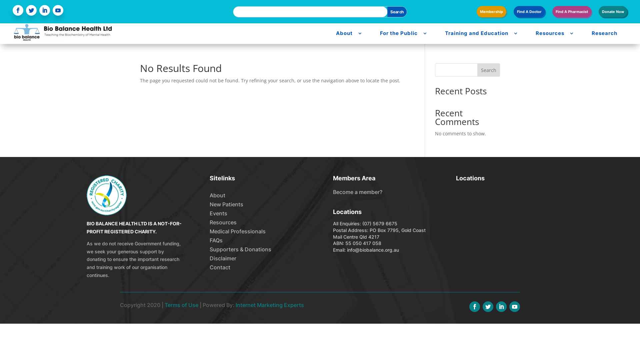 The height and width of the screenshot is (360, 640). I want to click on 'About', so click(344, 33).